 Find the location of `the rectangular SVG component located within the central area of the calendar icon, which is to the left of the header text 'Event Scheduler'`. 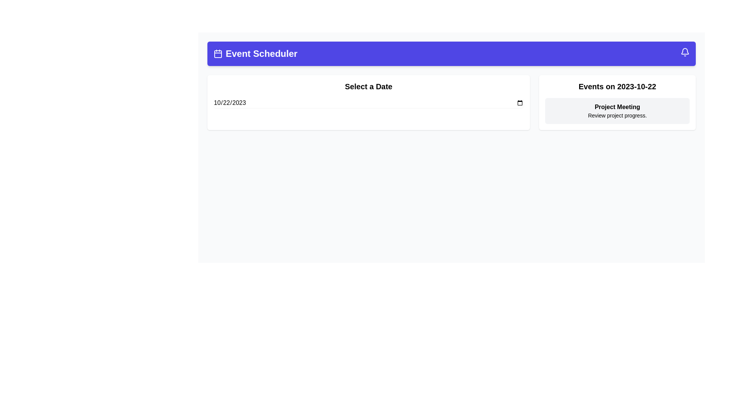

the rectangular SVG component located within the central area of the calendar icon, which is to the left of the header text 'Event Scheduler' is located at coordinates (217, 54).